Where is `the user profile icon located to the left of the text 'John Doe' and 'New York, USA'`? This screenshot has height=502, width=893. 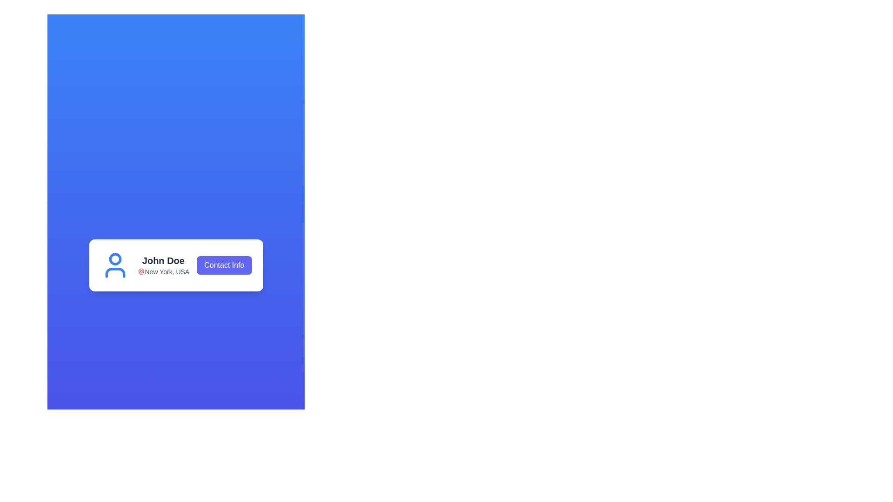 the user profile icon located to the left of the text 'John Doe' and 'New York, USA' is located at coordinates (114, 265).